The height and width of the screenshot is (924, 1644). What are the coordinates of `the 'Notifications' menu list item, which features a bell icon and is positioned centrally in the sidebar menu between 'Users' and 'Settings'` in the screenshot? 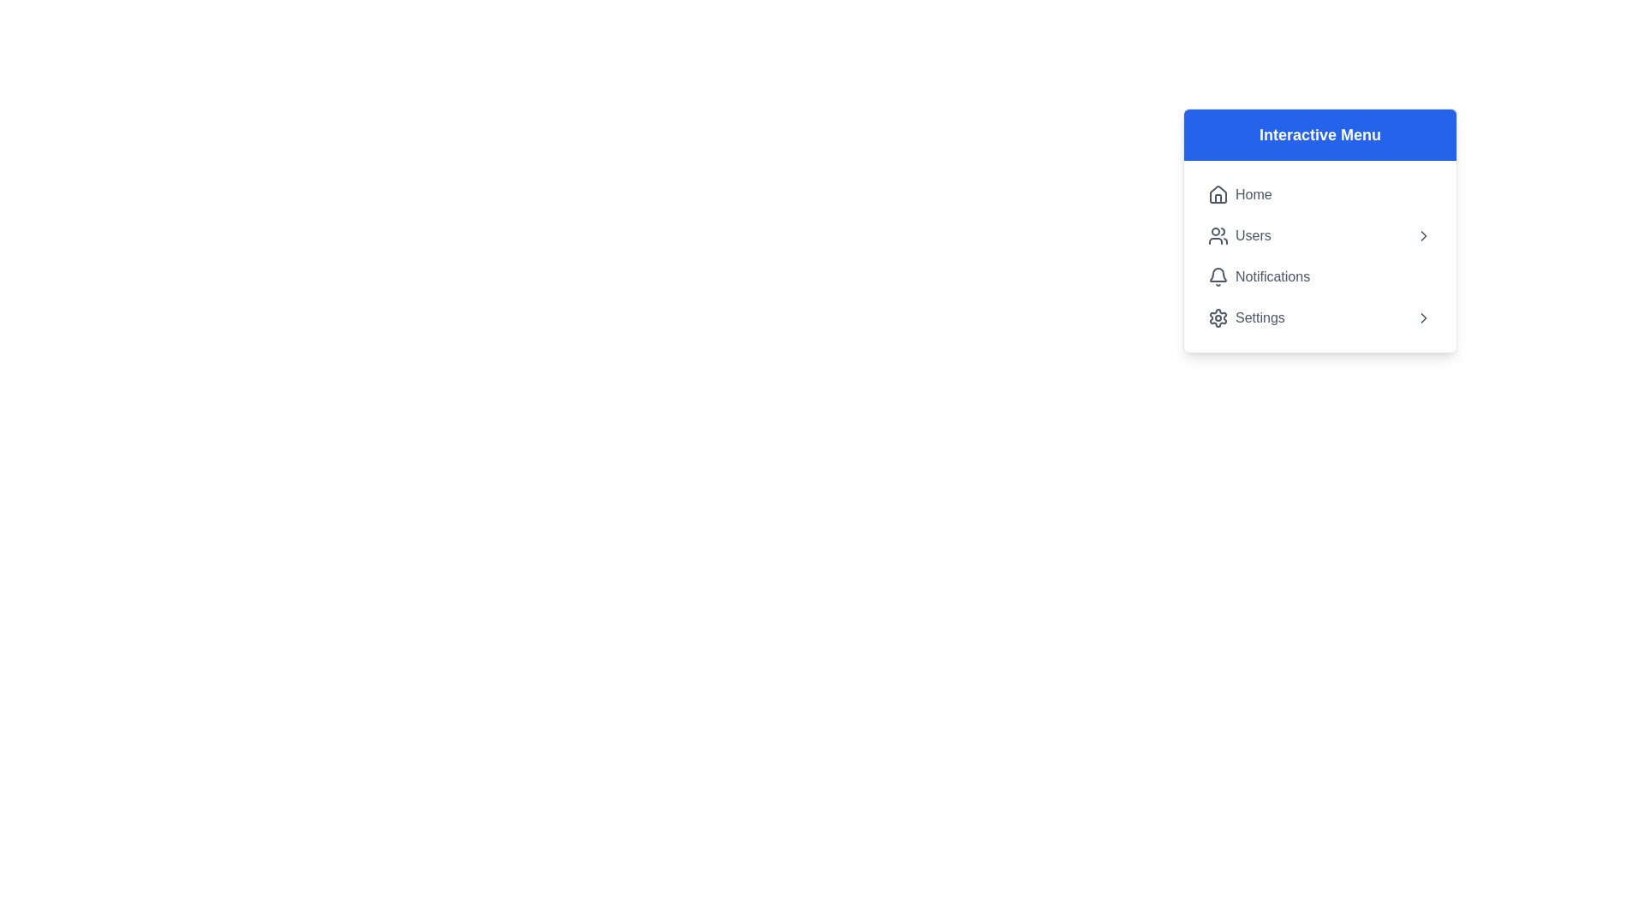 It's located at (1259, 276).